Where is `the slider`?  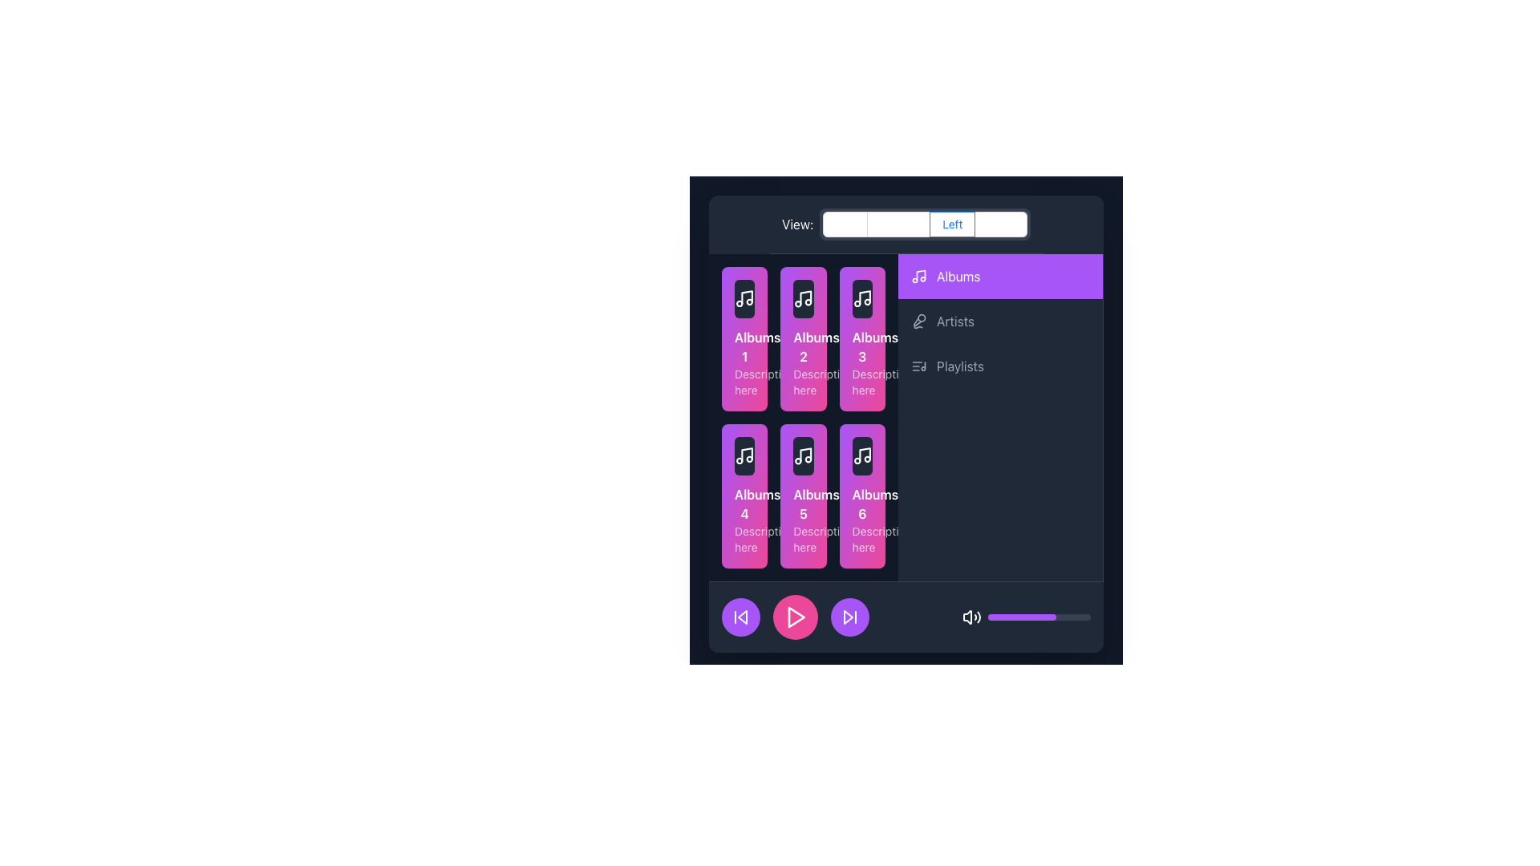
the slider is located at coordinates (1022, 617).